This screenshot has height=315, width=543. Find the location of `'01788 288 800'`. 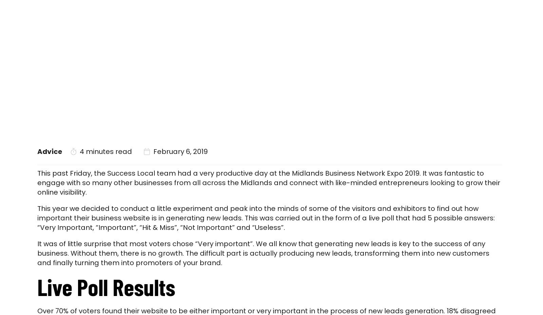

'01788 288 800' is located at coordinates (486, 4).